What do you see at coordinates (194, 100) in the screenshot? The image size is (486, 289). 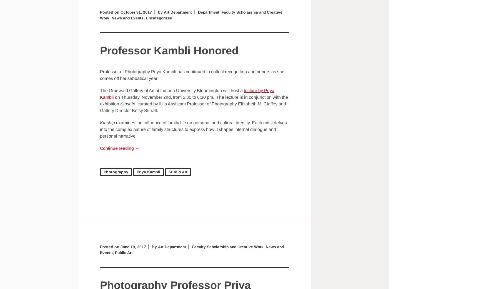 I see `'on Thursday, November 2nd, from 5:30 to 6:30 pm.  The lecture is in conjunction with the exhibition'` at bounding box center [194, 100].